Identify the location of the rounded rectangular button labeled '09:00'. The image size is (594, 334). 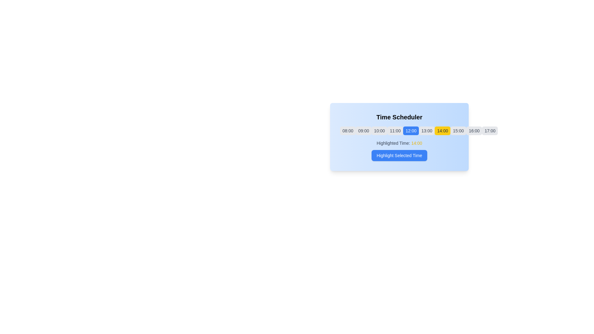
(364, 131).